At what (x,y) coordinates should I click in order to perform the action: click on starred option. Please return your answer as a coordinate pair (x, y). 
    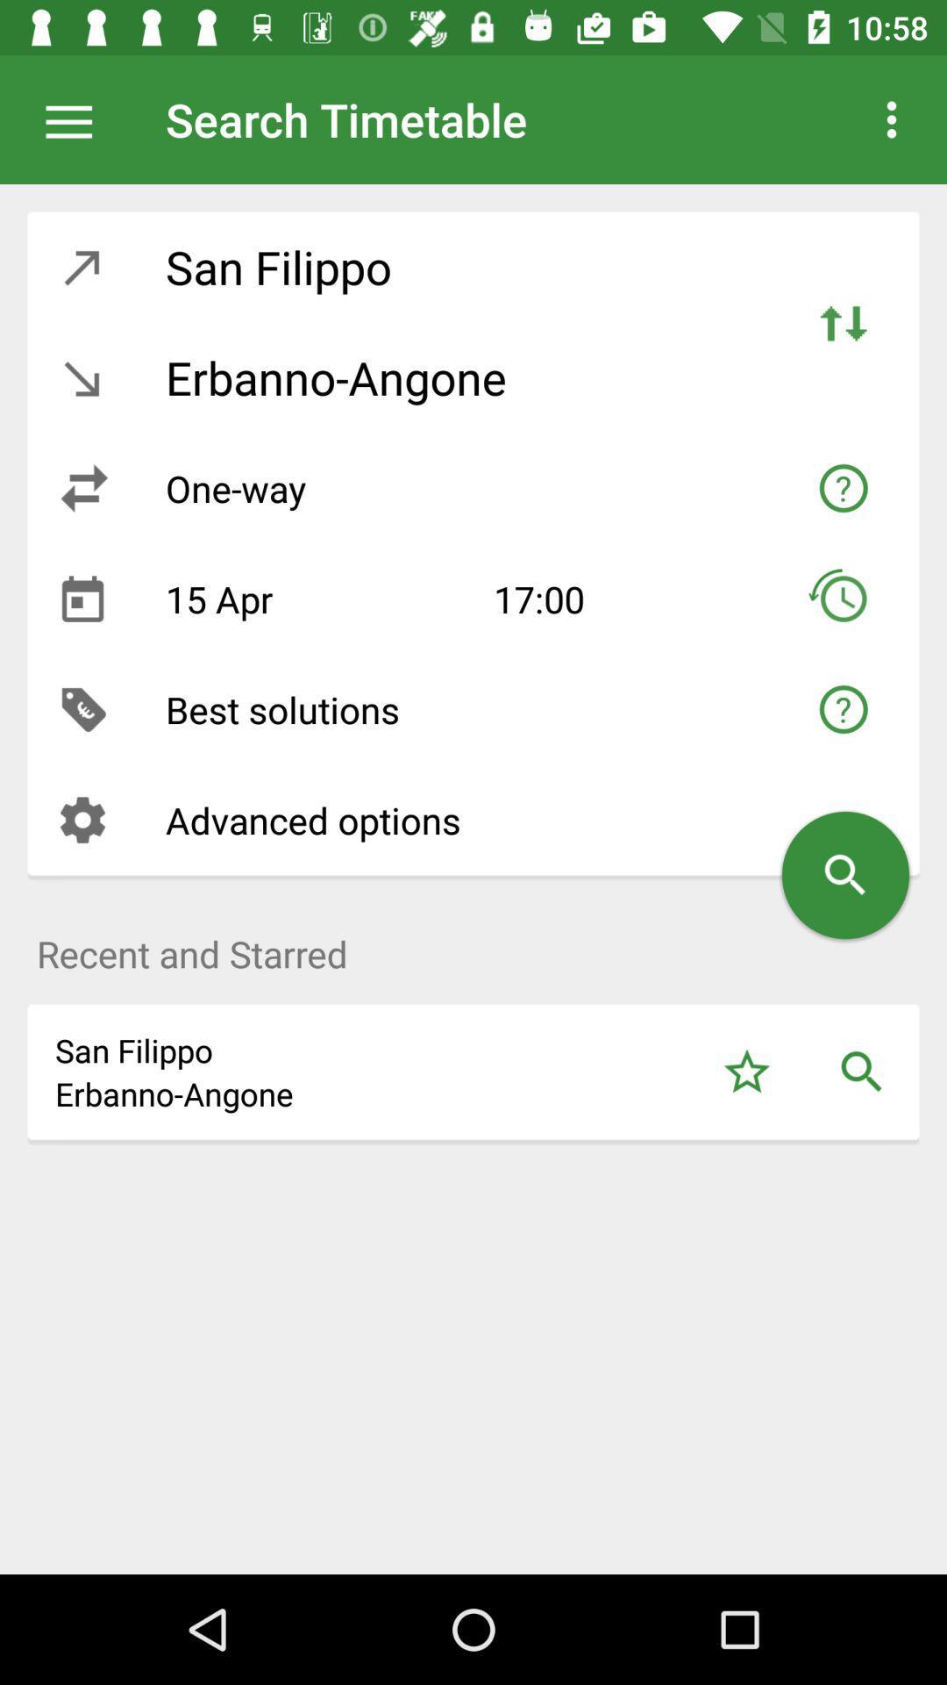
    Looking at the image, I should click on (746, 1071).